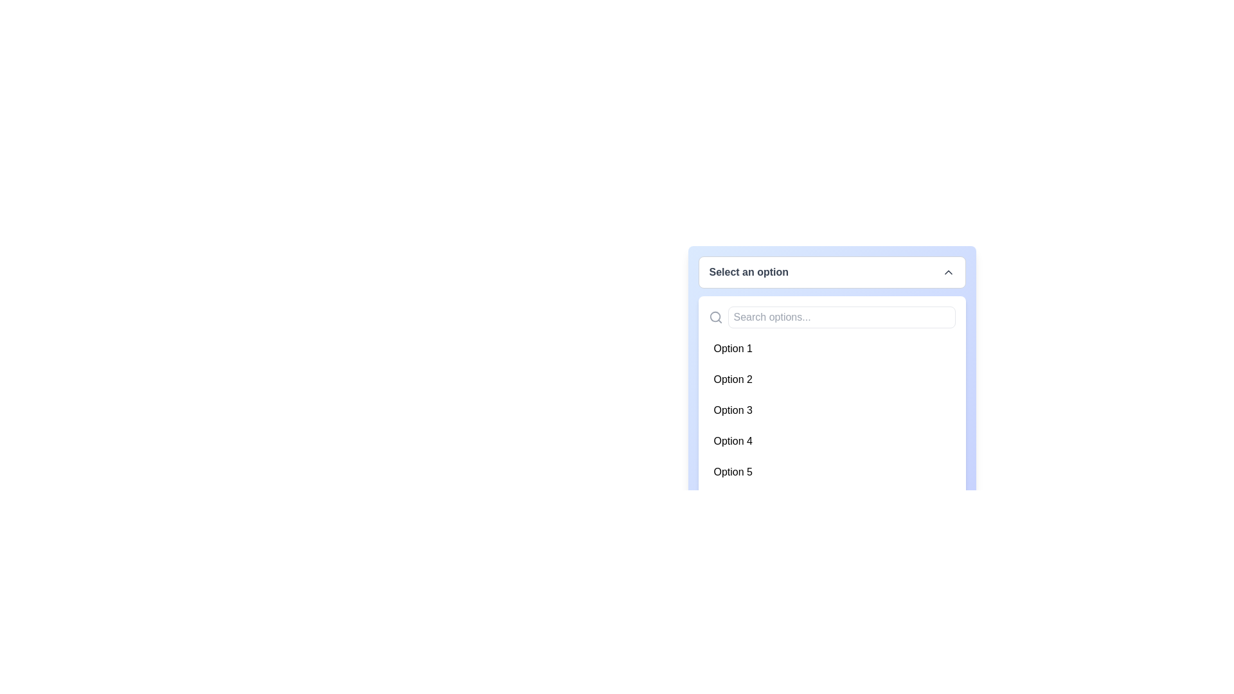  Describe the element at coordinates (733, 411) in the screenshot. I see `the 'Option 3' in the dropdown list located below the search bar` at that location.